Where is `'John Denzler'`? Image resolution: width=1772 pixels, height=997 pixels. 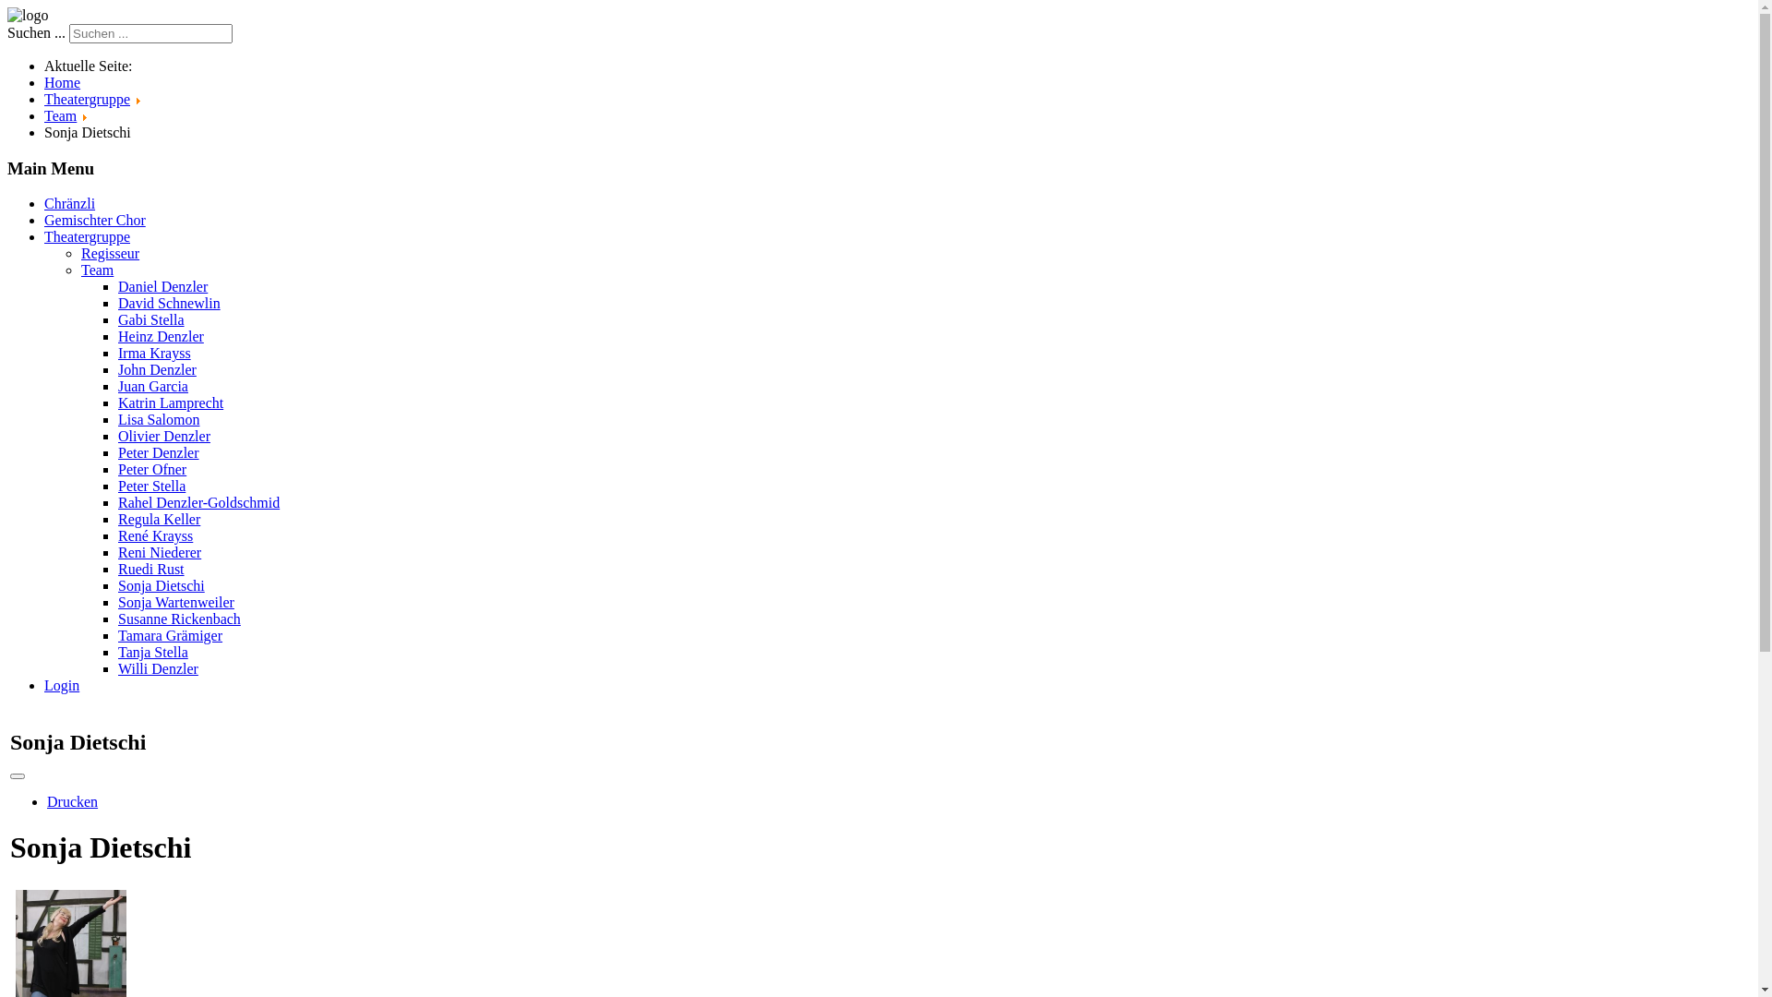 'John Denzler' is located at coordinates (157, 369).